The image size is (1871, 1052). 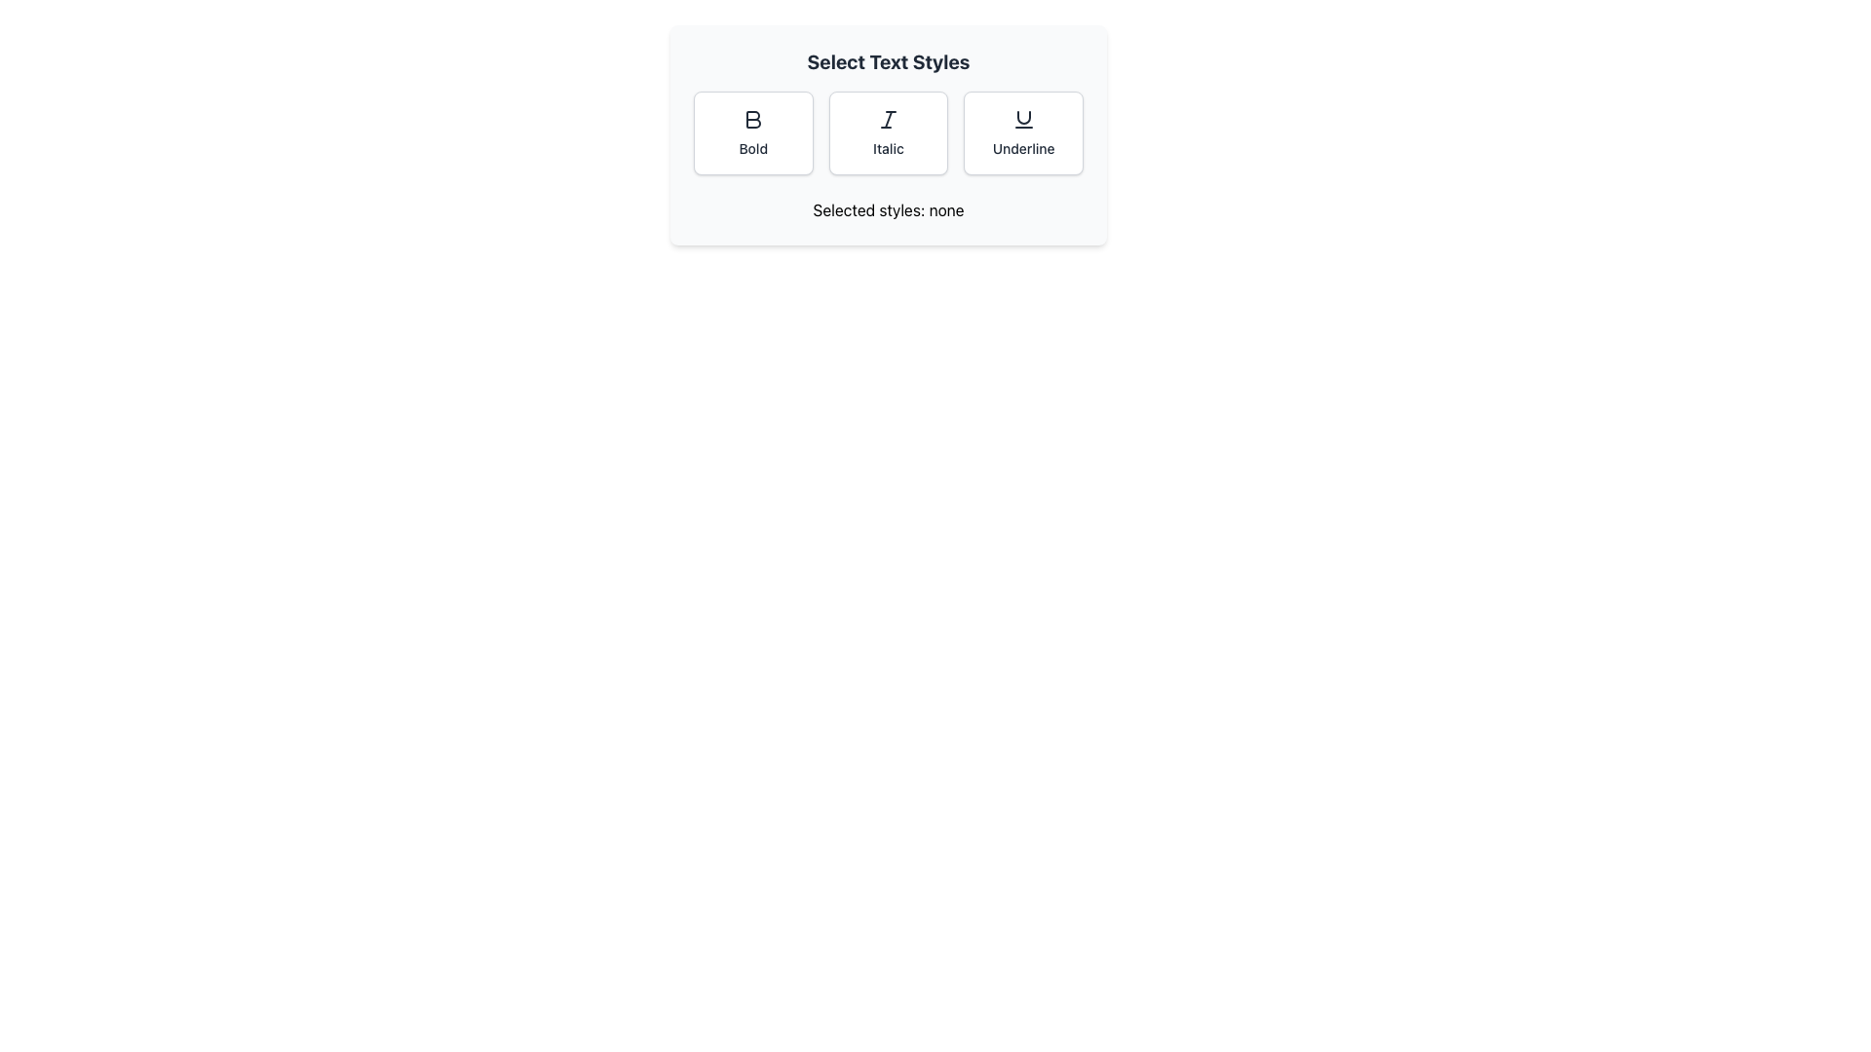 What do you see at coordinates (888, 210) in the screenshot?
I see `the static text label displaying 'Selected styles: none' at the bottom of the card titled 'Select Text Styles'` at bounding box center [888, 210].